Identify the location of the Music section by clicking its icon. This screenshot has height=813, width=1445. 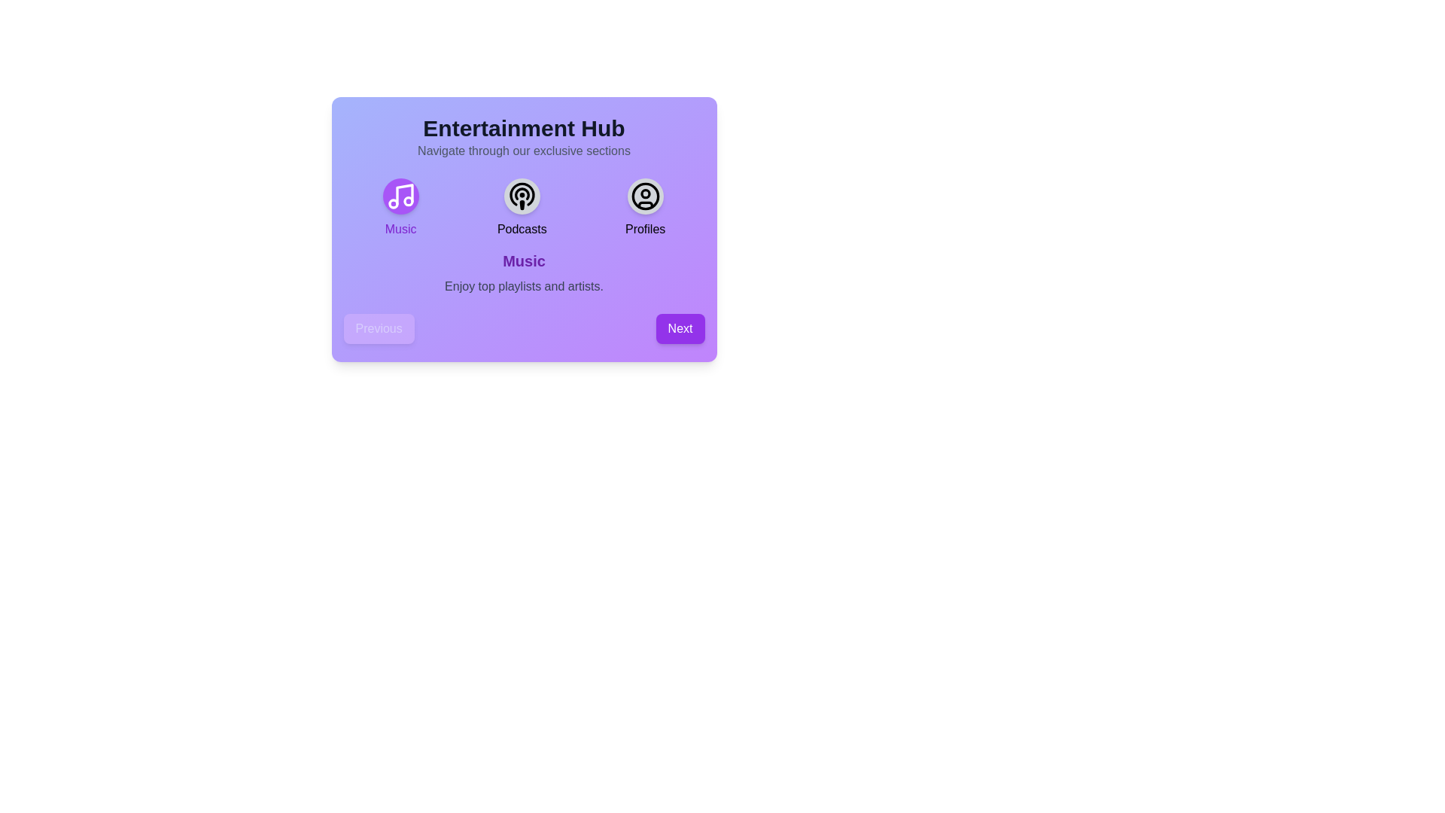
(400, 196).